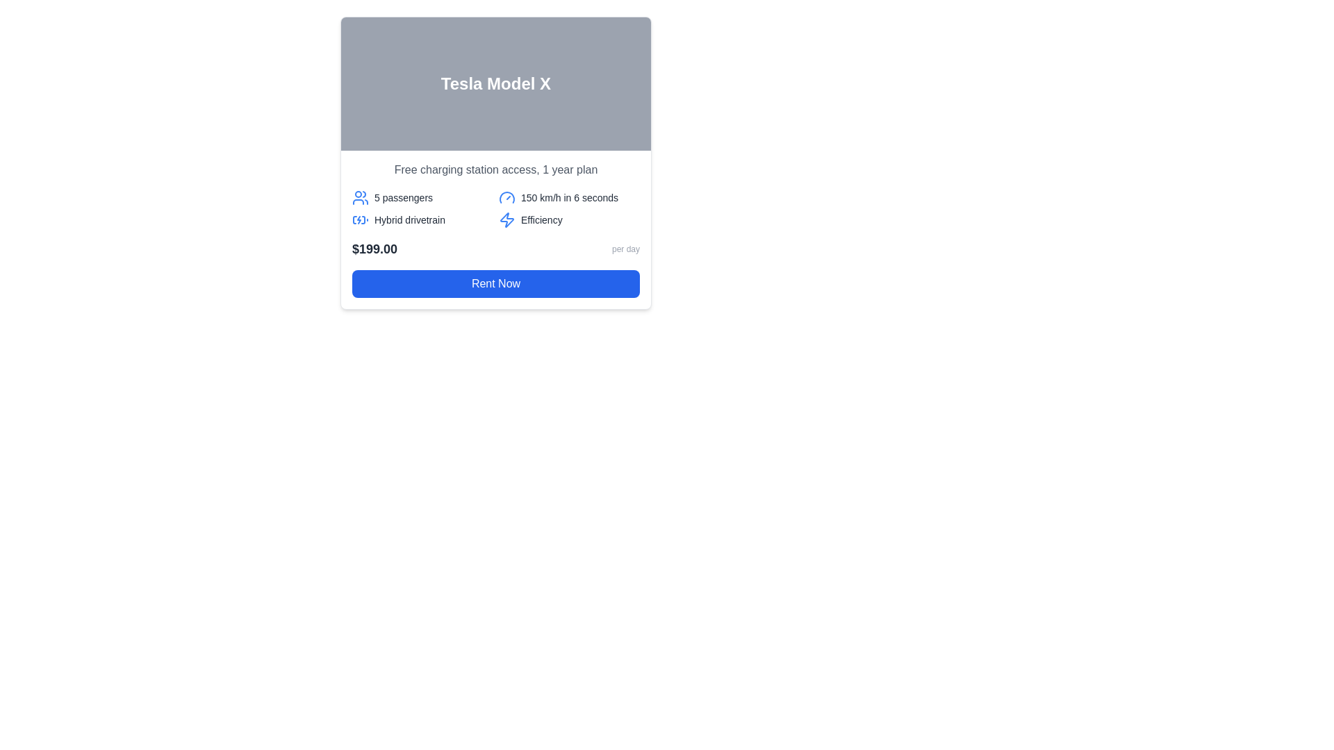 This screenshot has height=750, width=1334. Describe the element at coordinates (496, 283) in the screenshot. I see `the 'Rent Now' button located at the bottom of the featured card` at that location.